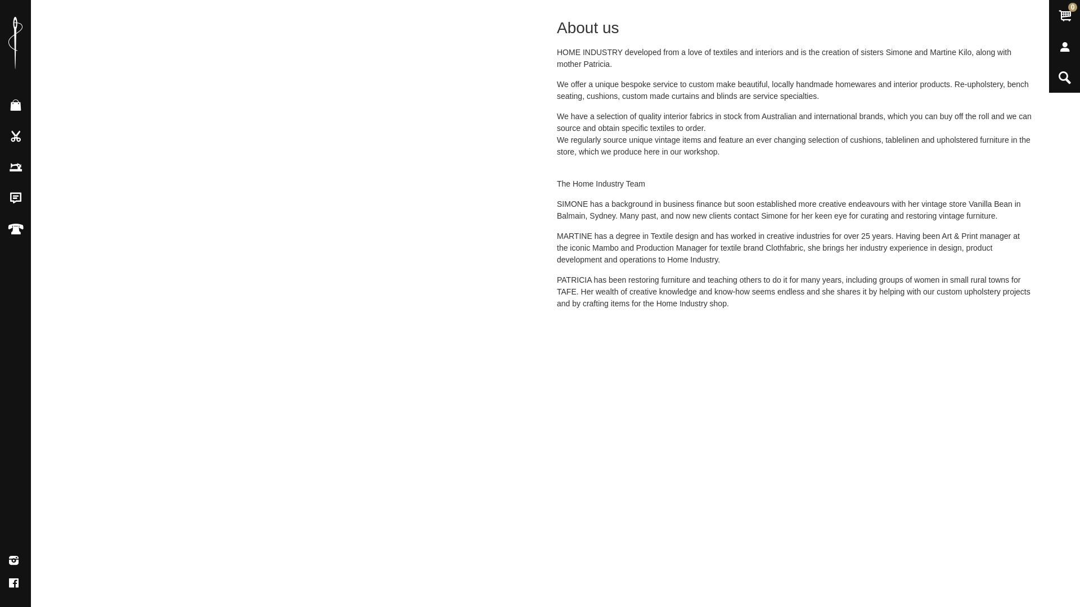  What do you see at coordinates (13, 582) in the screenshot?
I see `'Facebook'` at bounding box center [13, 582].